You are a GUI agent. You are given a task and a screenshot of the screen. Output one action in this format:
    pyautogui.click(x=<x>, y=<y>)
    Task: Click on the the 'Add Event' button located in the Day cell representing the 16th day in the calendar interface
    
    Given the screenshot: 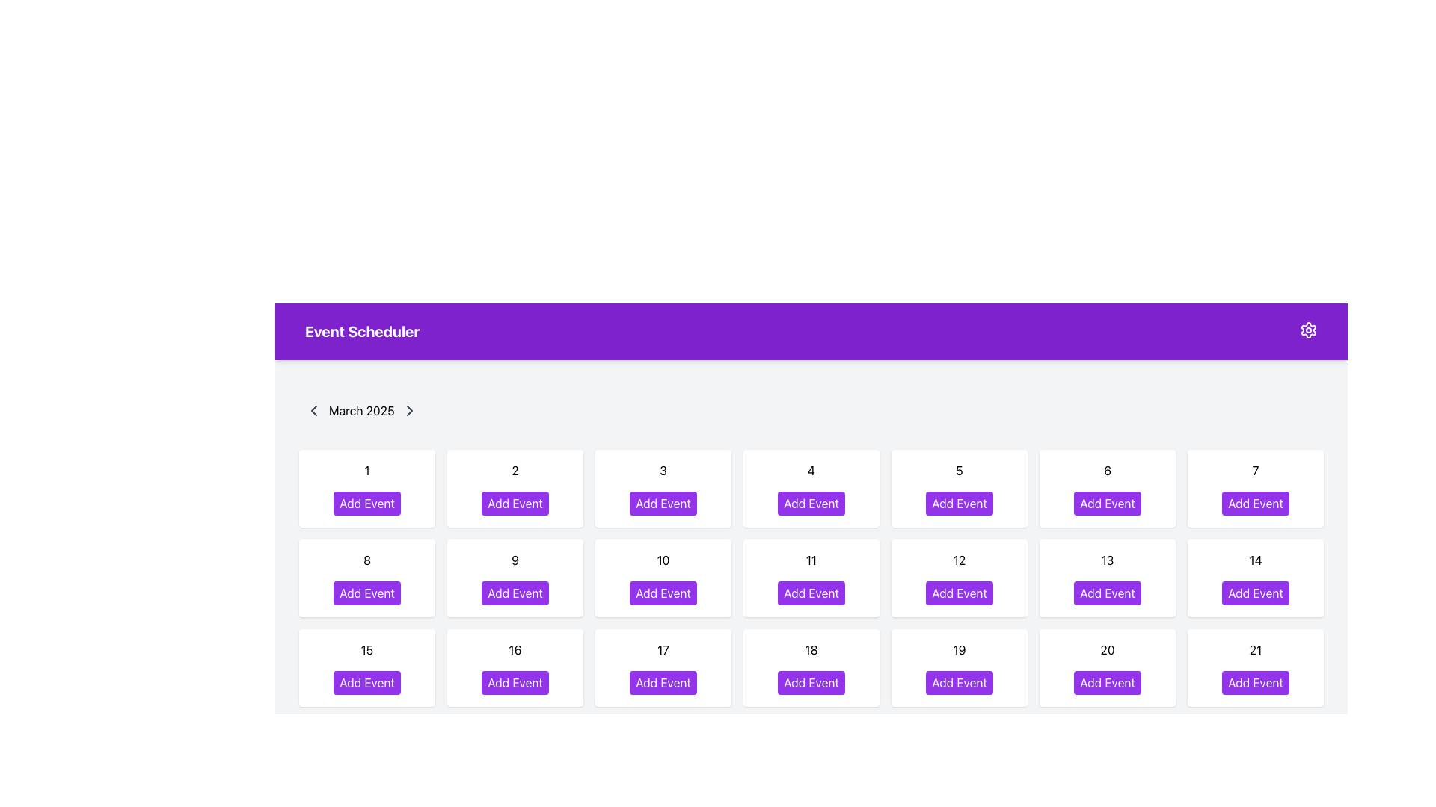 What is the action you would take?
    pyautogui.click(x=515, y=667)
    